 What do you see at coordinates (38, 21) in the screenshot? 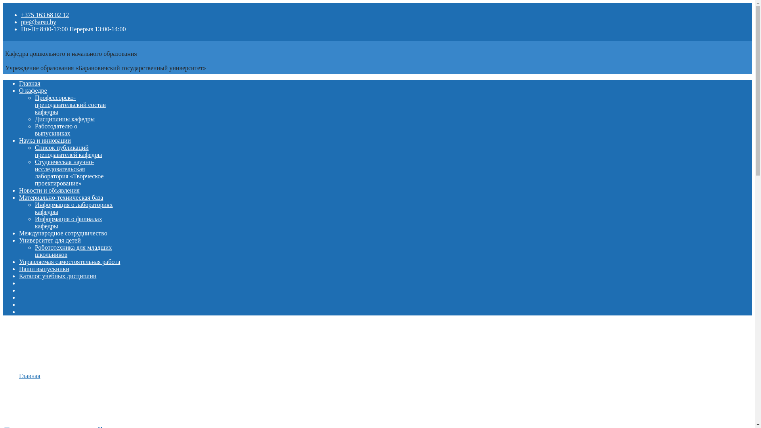
I see `'pte@barsu.by'` at bounding box center [38, 21].